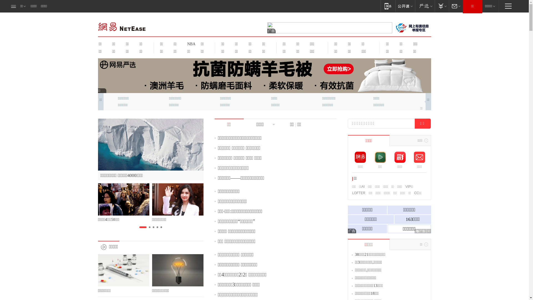 The width and height of the screenshot is (533, 300). What do you see at coordinates (190, 44) in the screenshot?
I see `'NBA'` at bounding box center [190, 44].